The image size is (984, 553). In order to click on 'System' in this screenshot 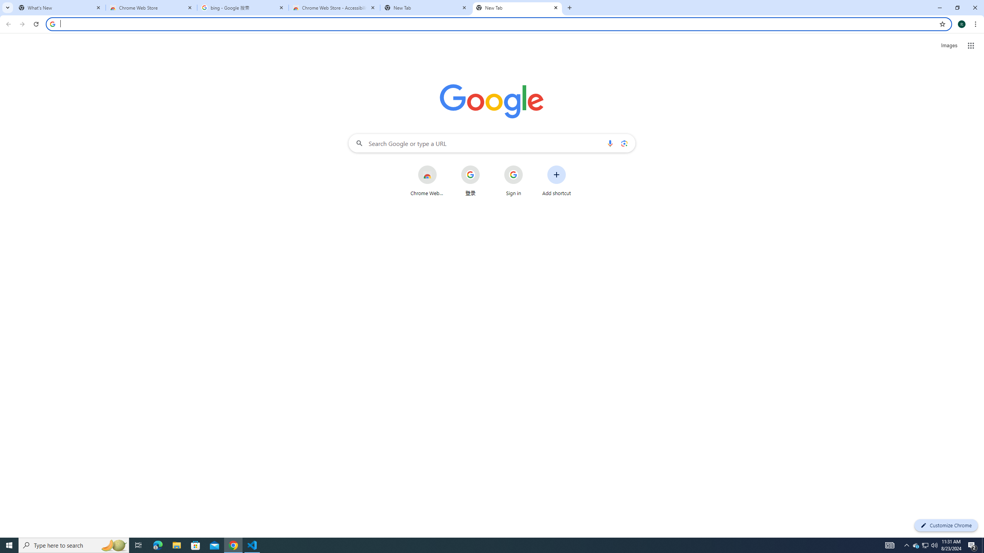, I will do `click(4, 3)`.